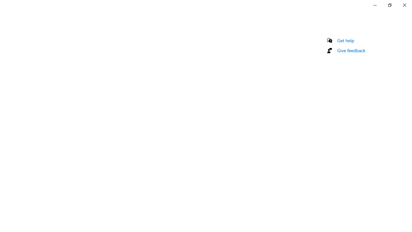 This screenshot has width=412, height=232. I want to click on 'Restore Settings', so click(389, 5).